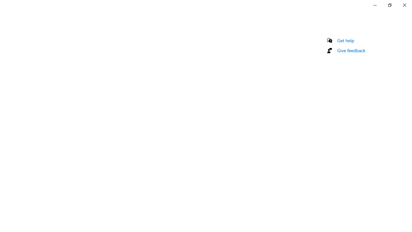 This screenshot has width=412, height=232. I want to click on 'Restore Settings', so click(389, 5).